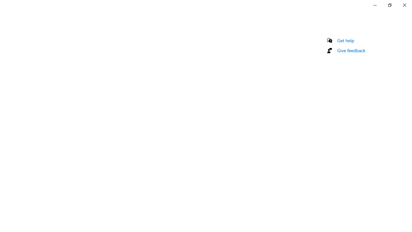 This screenshot has width=412, height=232. I want to click on 'Restore Settings', so click(389, 5).